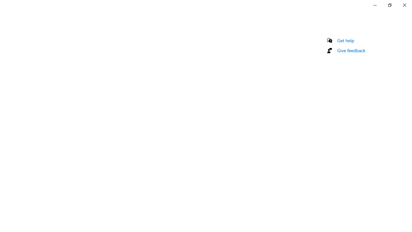 This screenshot has width=412, height=232. I want to click on 'Restore Settings', so click(389, 5).